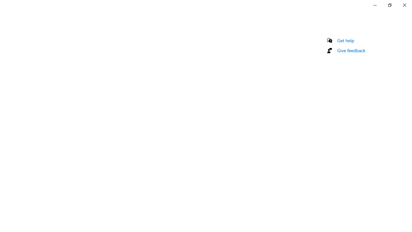 This screenshot has width=412, height=232. I want to click on 'Restore Settings', so click(389, 5).